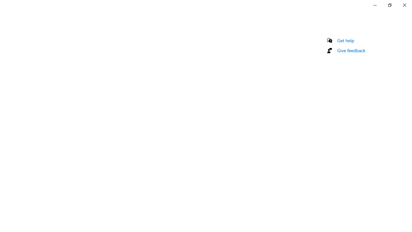 This screenshot has width=412, height=232. I want to click on 'Restore Settings', so click(389, 5).